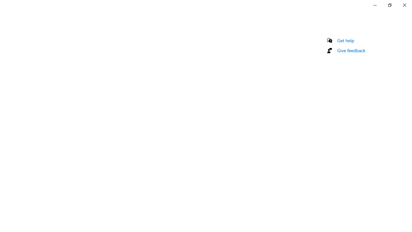 This screenshot has width=412, height=232. I want to click on 'Restore Settings', so click(389, 5).